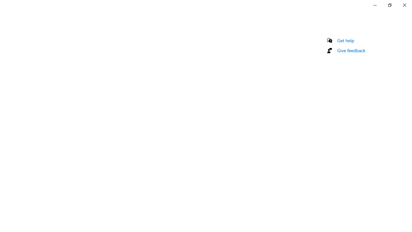 This screenshot has width=412, height=232. I want to click on 'Restore Settings', so click(389, 5).